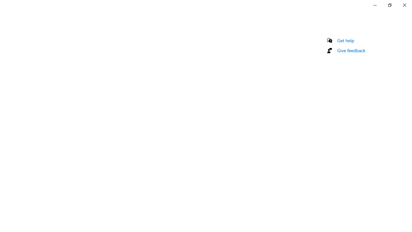 This screenshot has width=412, height=232. I want to click on 'Restore Settings', so click(389, 5).